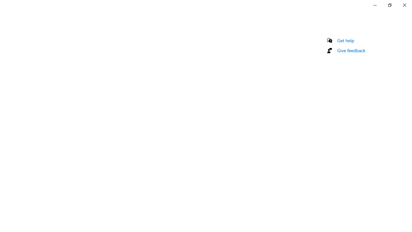 This screenshot has width=412, height=232. I want to click on 'Restore Settings', so click(389, 5).